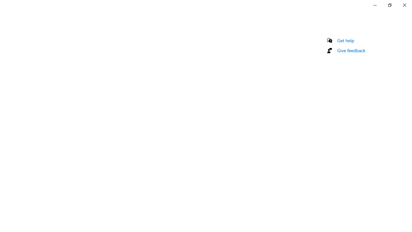 This screenshot has width=412, height=232. I want to click on 'Restore Settings', so click(389, 5).